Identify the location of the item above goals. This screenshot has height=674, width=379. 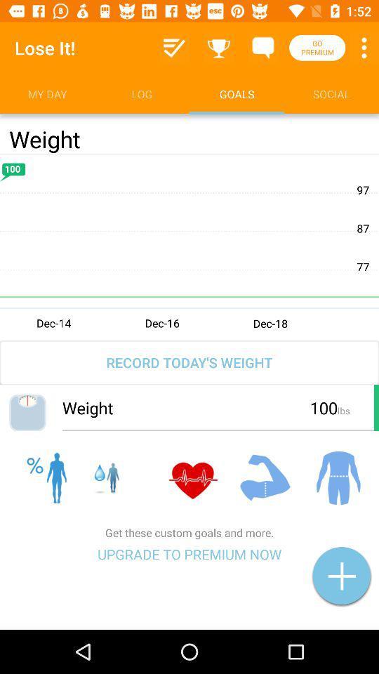
(219, 48).